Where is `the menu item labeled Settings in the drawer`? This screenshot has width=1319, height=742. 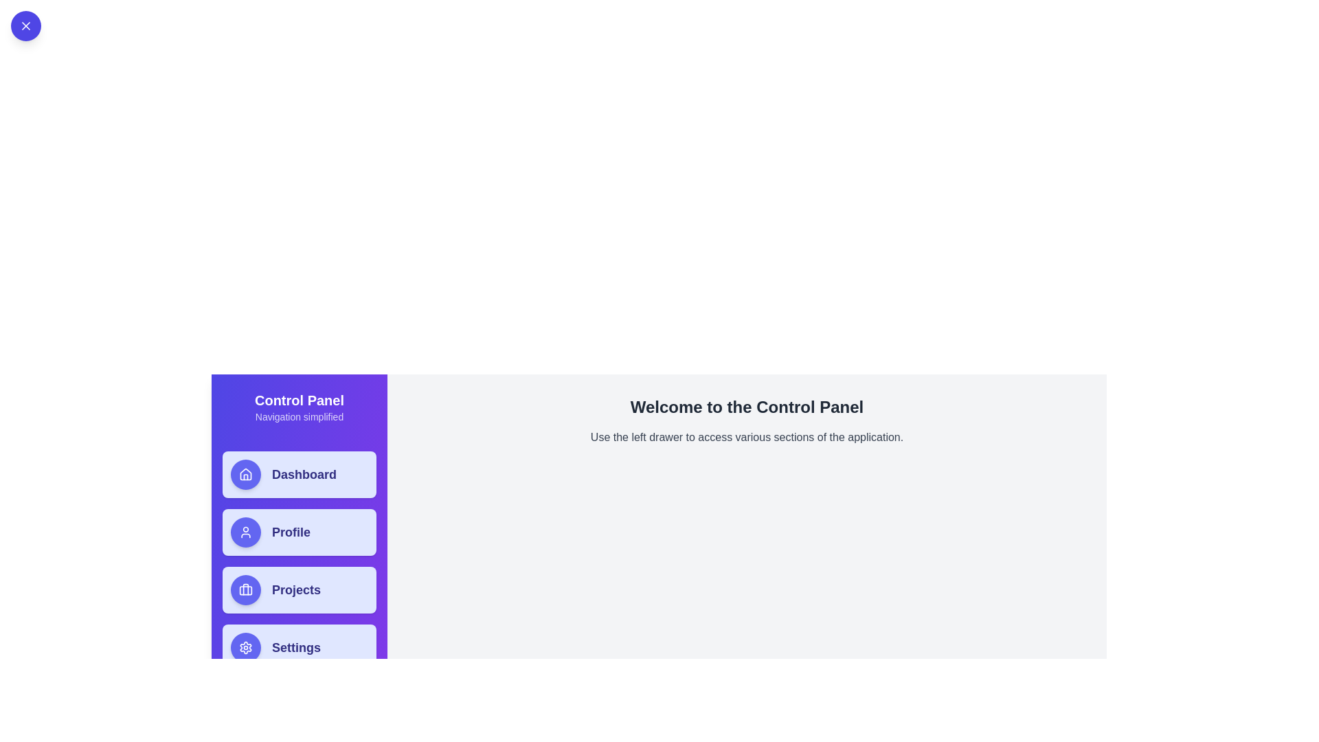
the menu item labeled Settings in the drawer is located at coordinates (299, 647).